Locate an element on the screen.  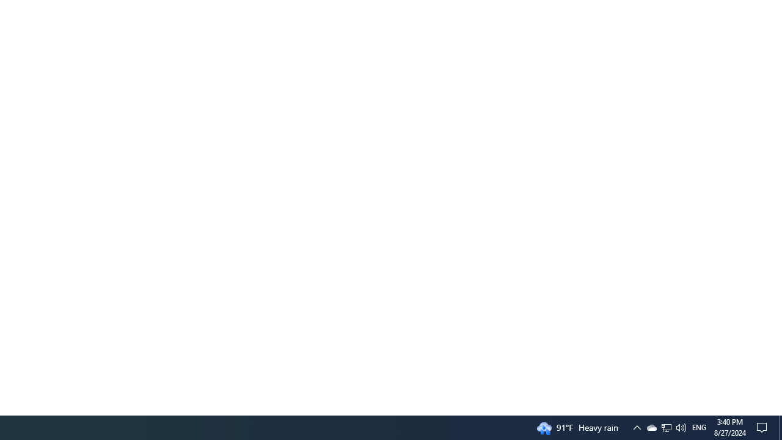
'Notification Chevron' is located at coordinates (666, 427).